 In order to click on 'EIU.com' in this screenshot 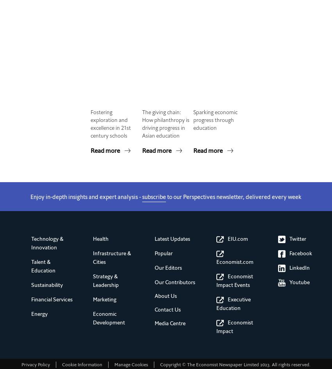, I will do `click(228, 239)`.